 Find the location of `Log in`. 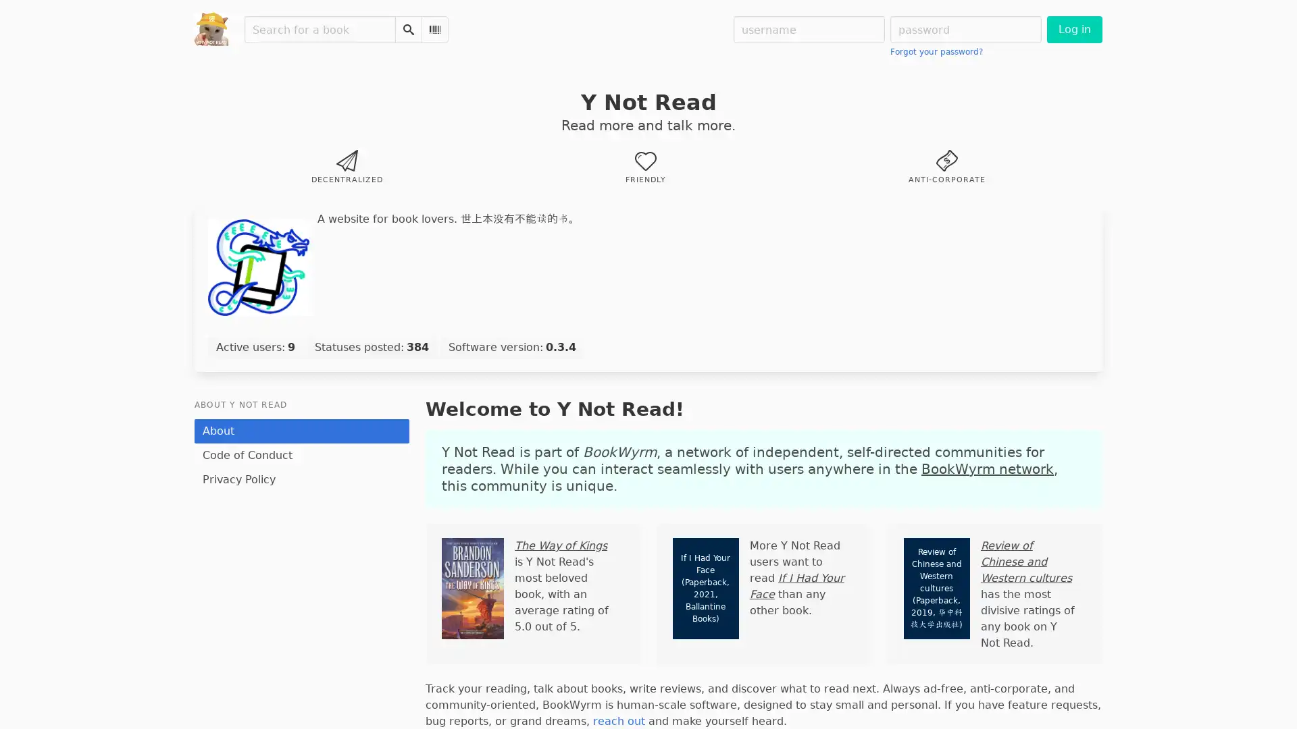

Log in is located at coordinates (1073, 29).